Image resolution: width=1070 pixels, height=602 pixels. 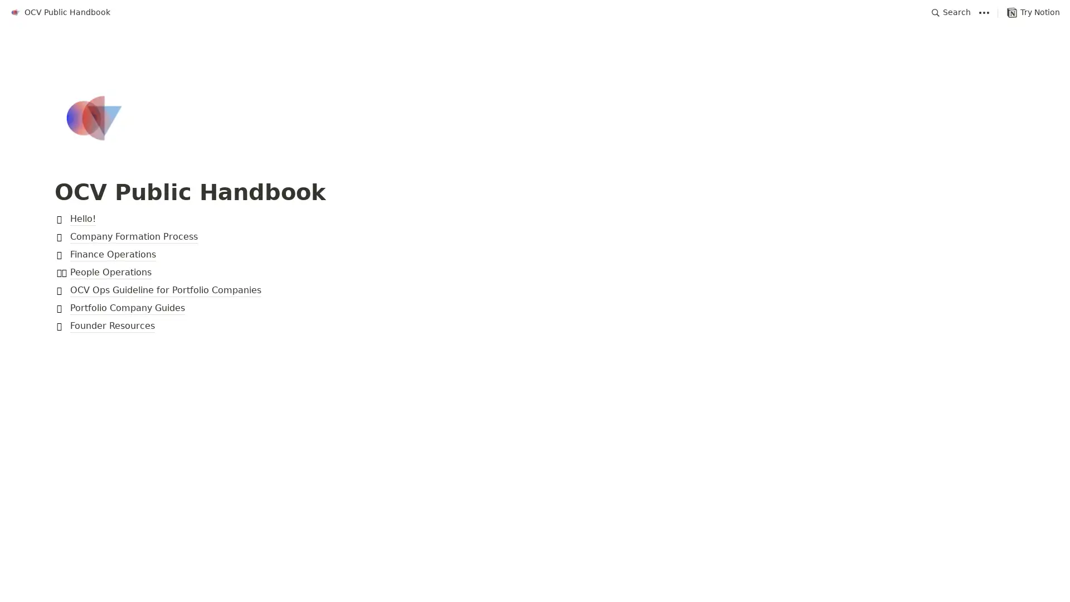 I want to click on People Operations, so click(x=535, y=273).